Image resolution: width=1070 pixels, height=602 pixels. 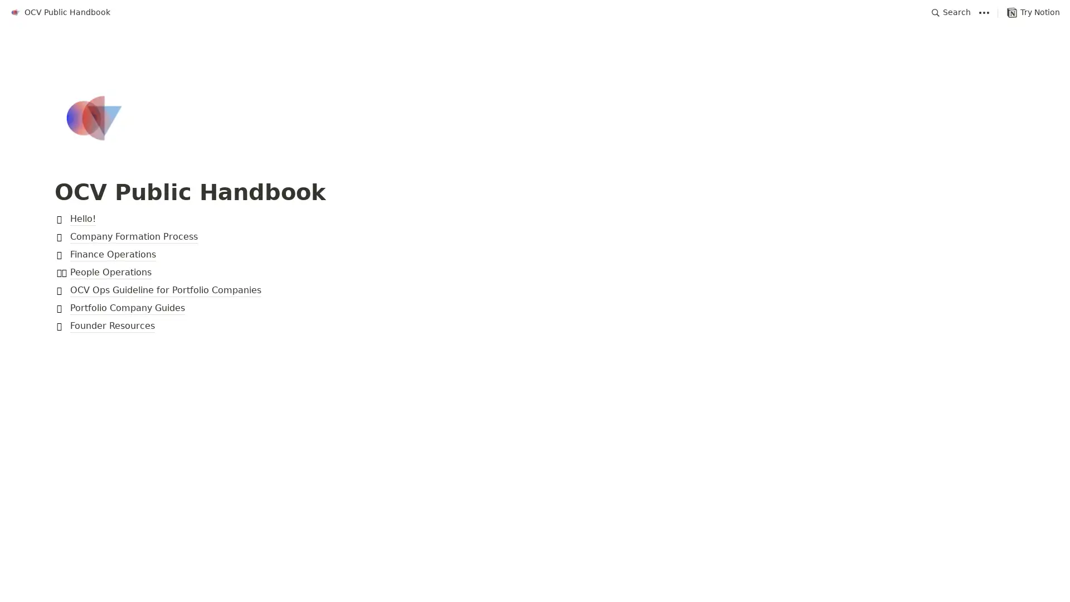 I want to click on People Operations, so click(x=535, y=273).